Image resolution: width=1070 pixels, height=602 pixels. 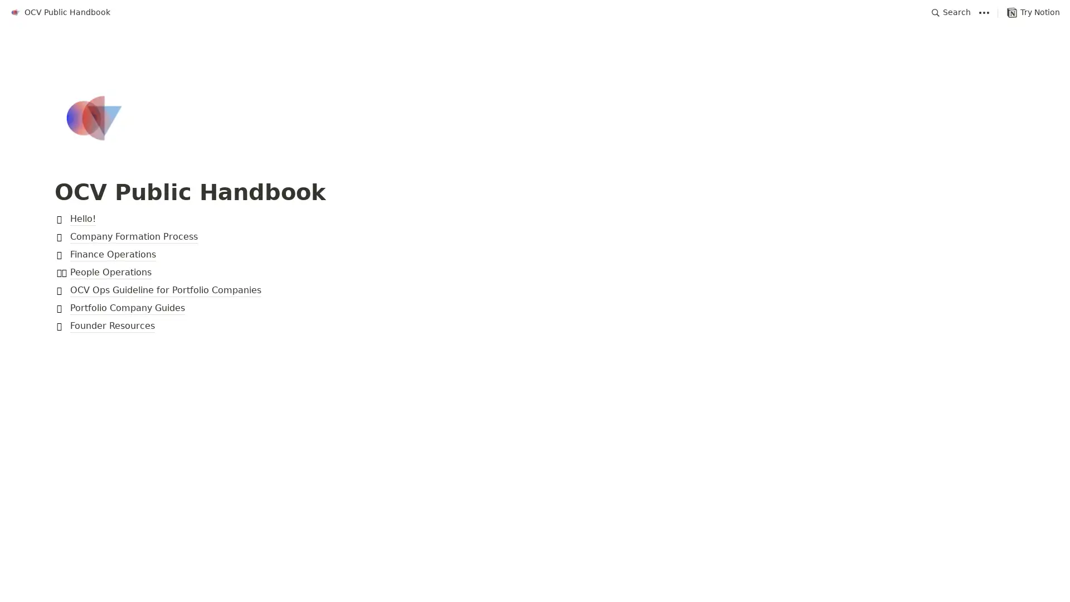 I want to click on People Operations, so click(x=535, y=273).